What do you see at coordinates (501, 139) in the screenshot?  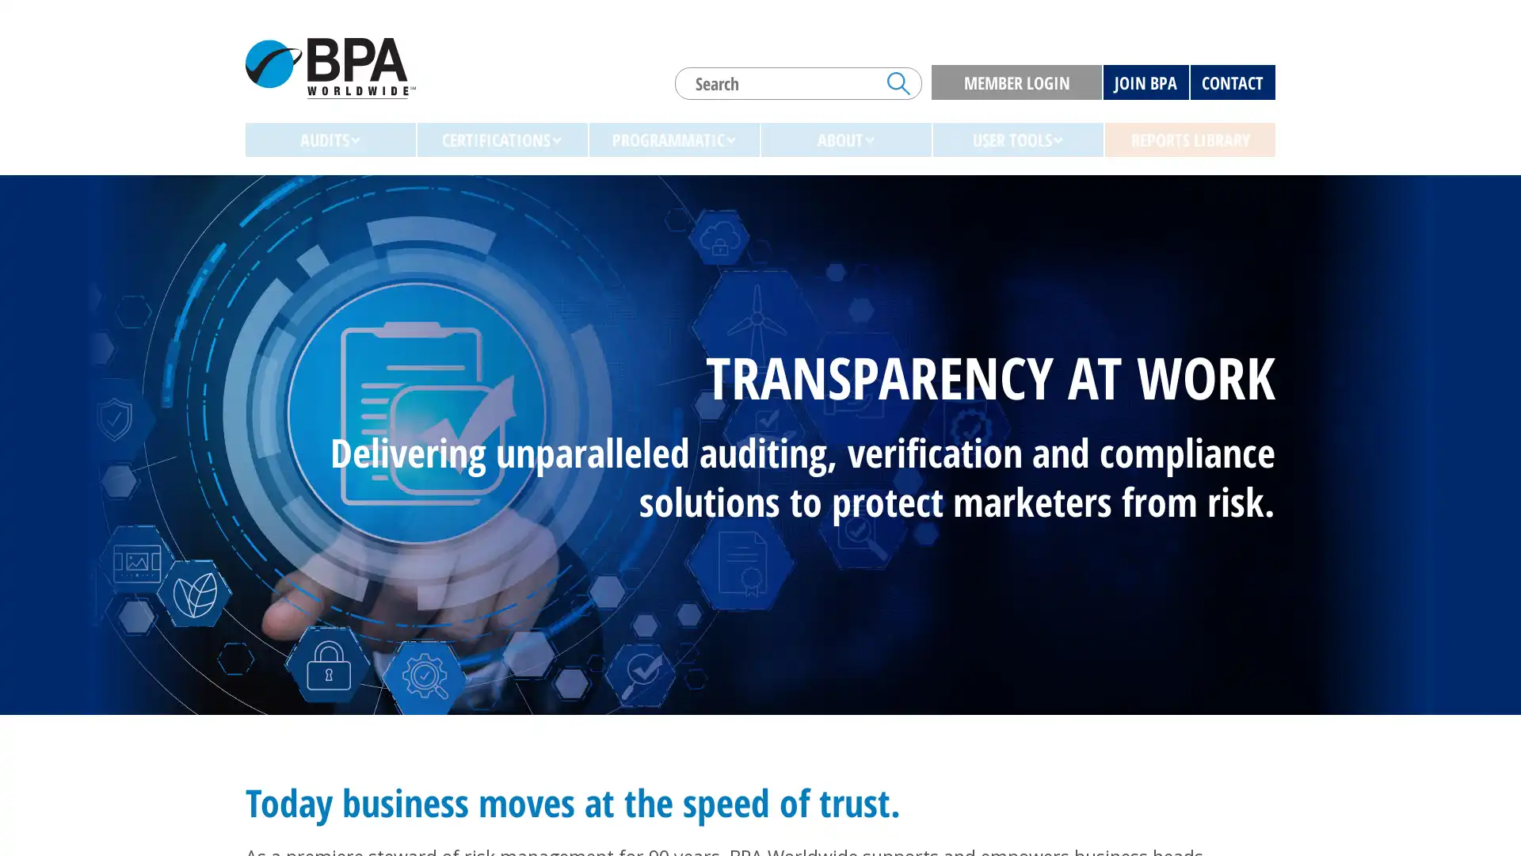 I see `CERTIFICATIONS` at bounding box center [501, 139].